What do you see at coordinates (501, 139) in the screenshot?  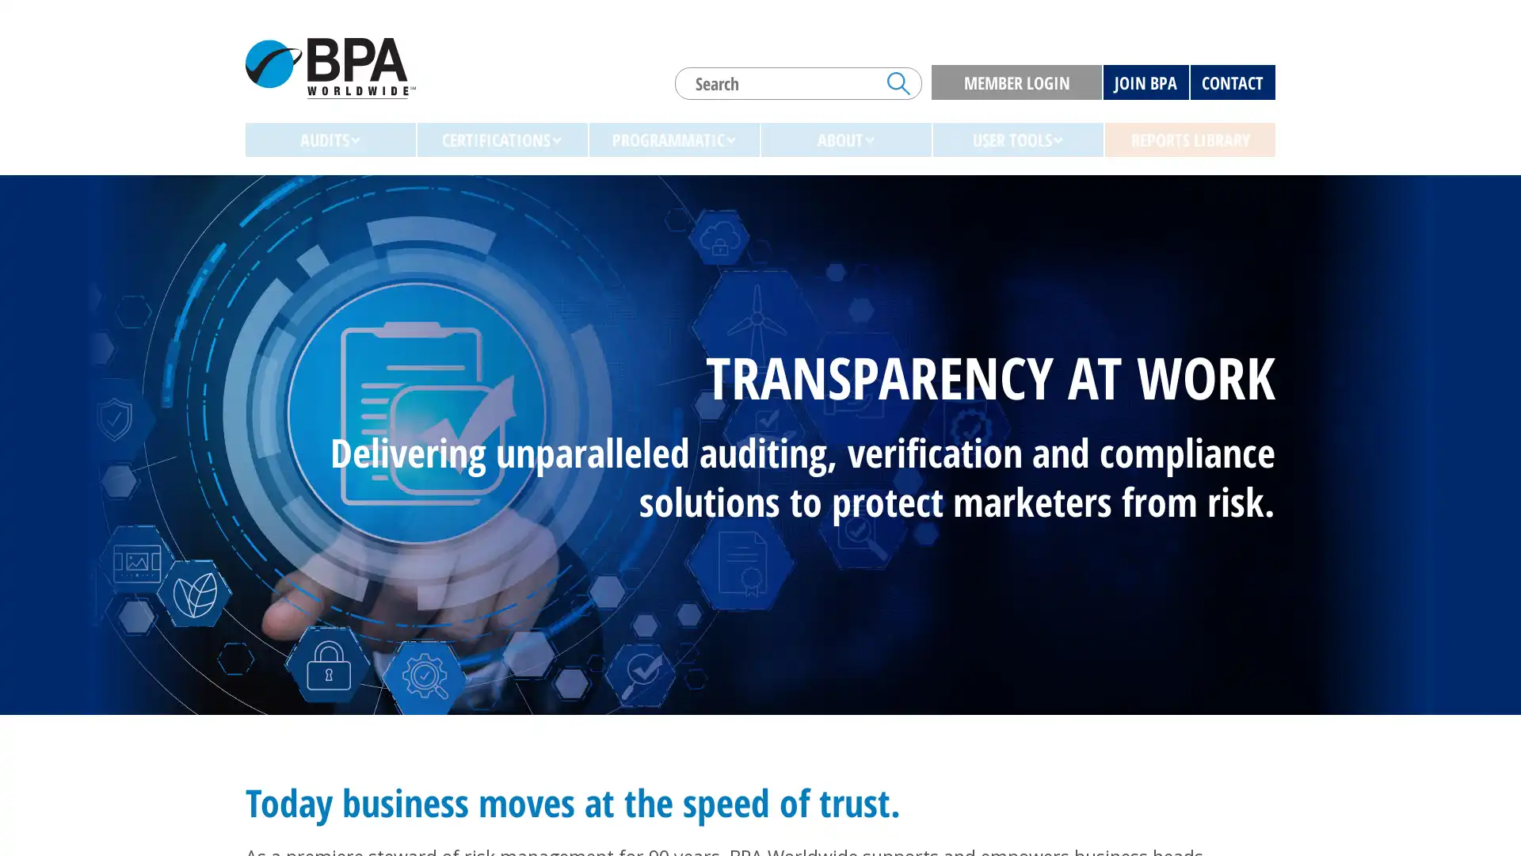 I see `CERTIFICATIONS` at bounding box center [501, 139].